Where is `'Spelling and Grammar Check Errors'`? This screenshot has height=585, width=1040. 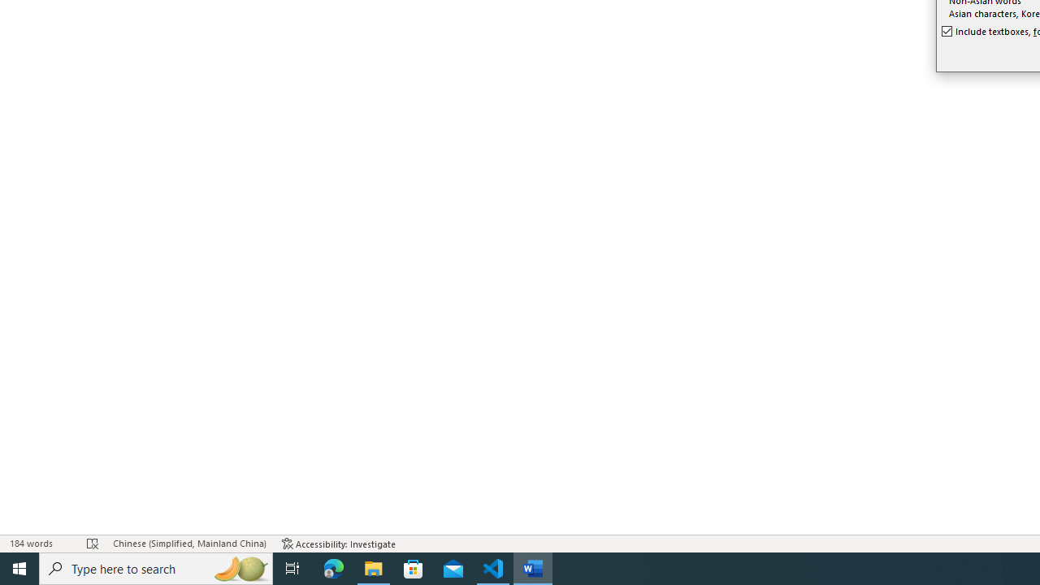 'Spelling and Grammar Check Errors' is located at coordinates (92, 544).